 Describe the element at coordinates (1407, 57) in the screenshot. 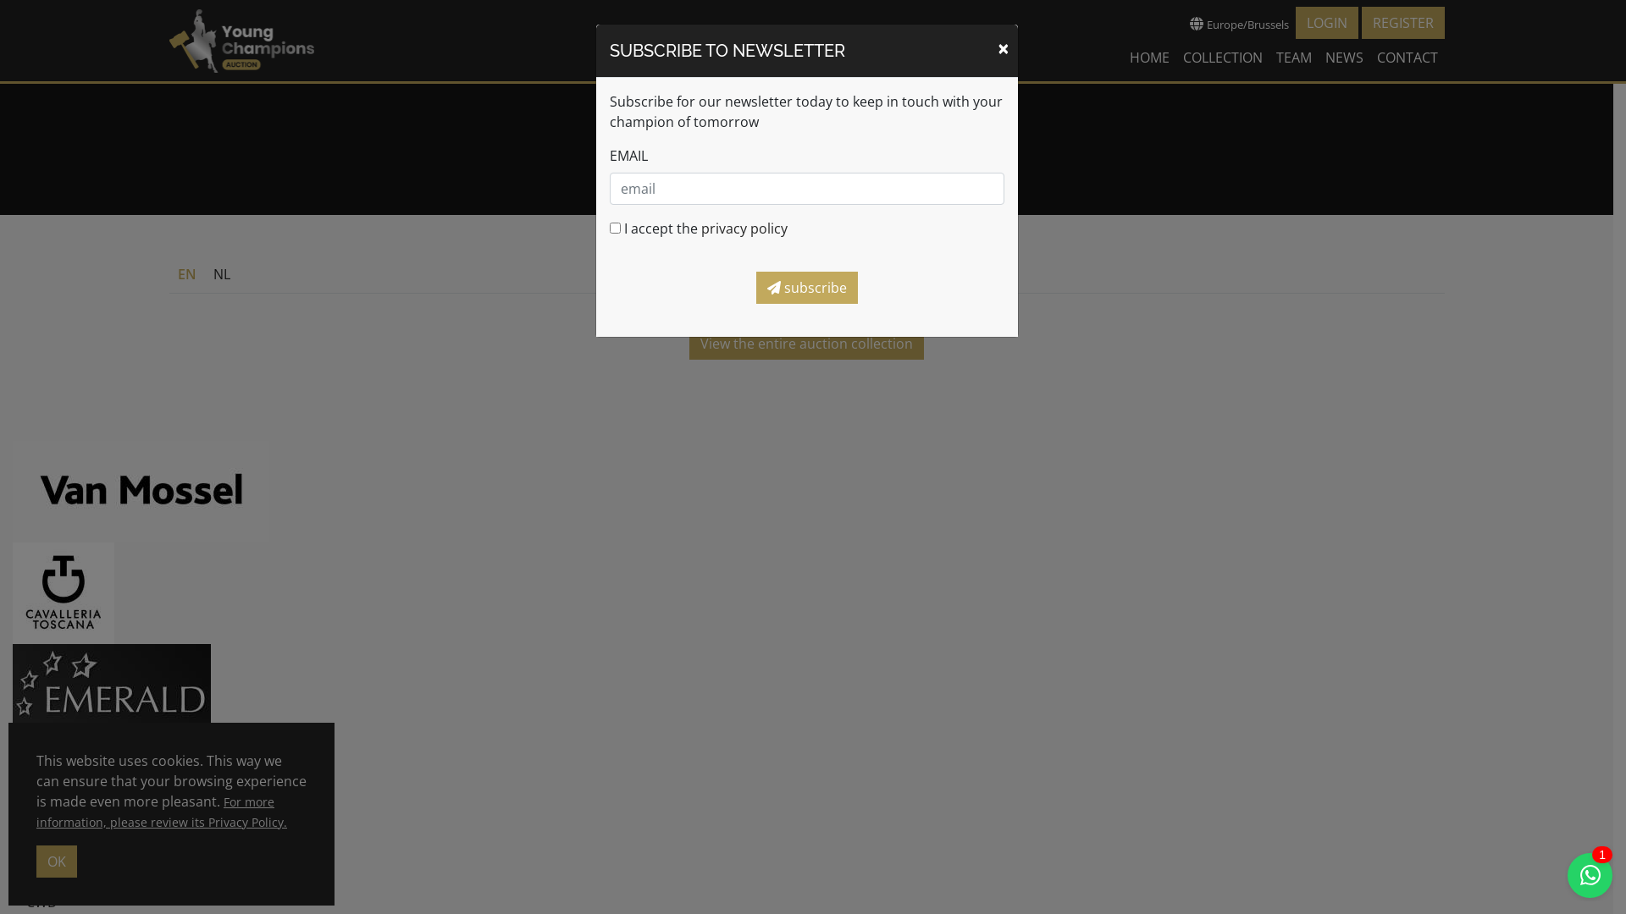

I see `'CONTACT'` at that location.